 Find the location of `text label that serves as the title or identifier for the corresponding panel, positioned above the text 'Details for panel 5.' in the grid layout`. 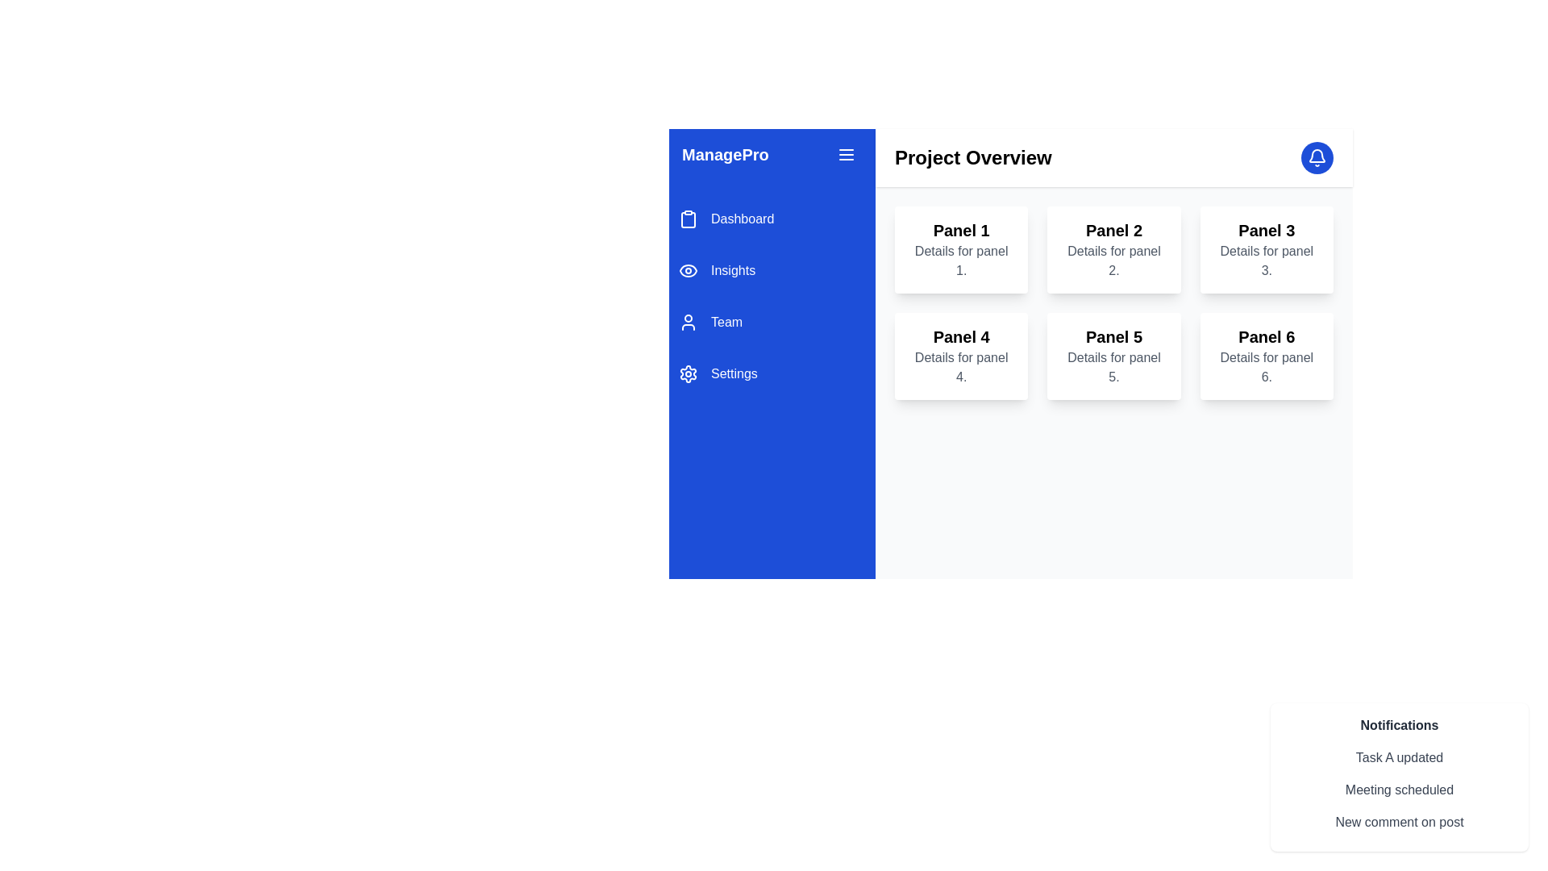

text label that serves as the title or identifier for the corresponding panel, positioned above the text 'Details for panel 5.' in the grid layout is located at coordinates (1113, 335).